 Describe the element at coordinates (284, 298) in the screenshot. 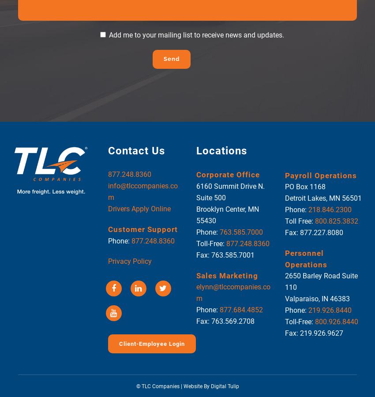

I see `'Valparaiso, IN 46383'` at that location.